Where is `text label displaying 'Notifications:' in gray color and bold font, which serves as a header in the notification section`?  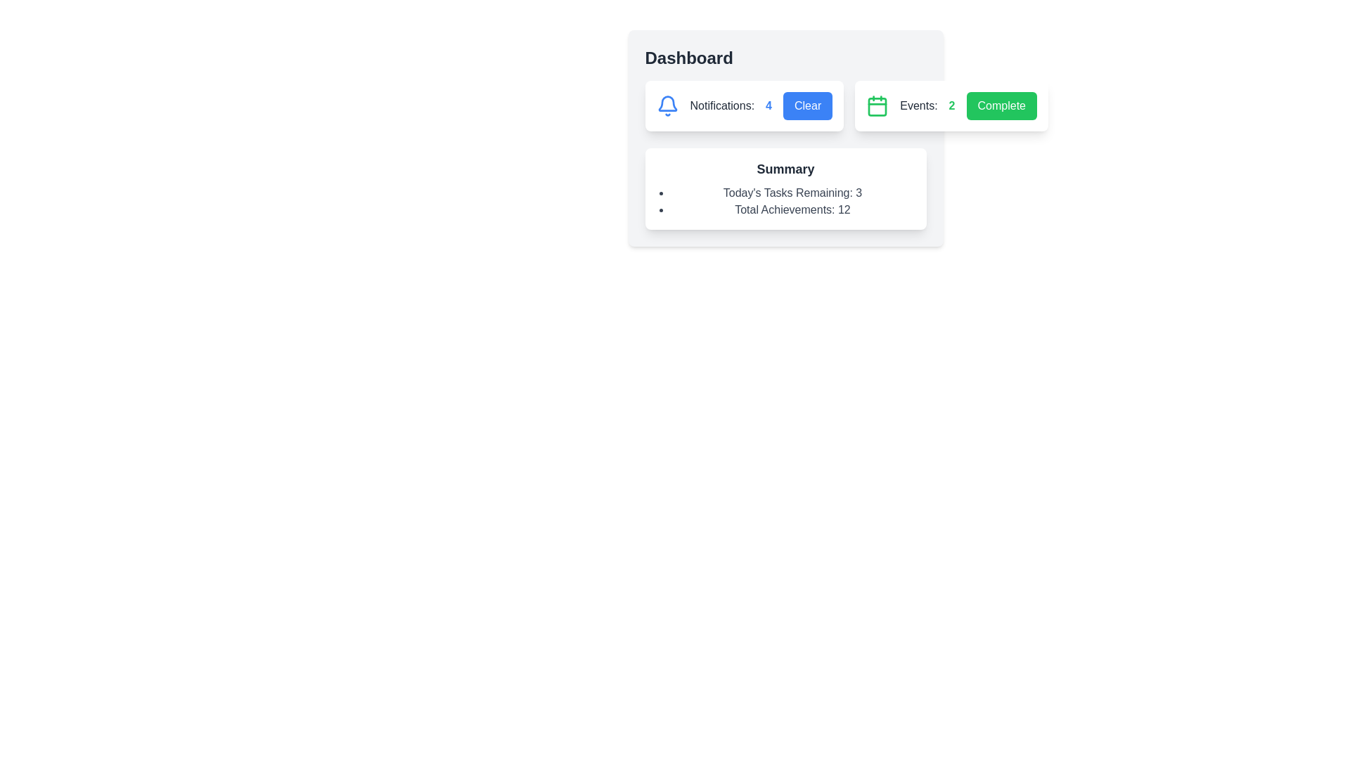 text label displaying 'Notifications:' in gray color and bold font, which serves as a header in the notification section is located at coordinates (722, 105).